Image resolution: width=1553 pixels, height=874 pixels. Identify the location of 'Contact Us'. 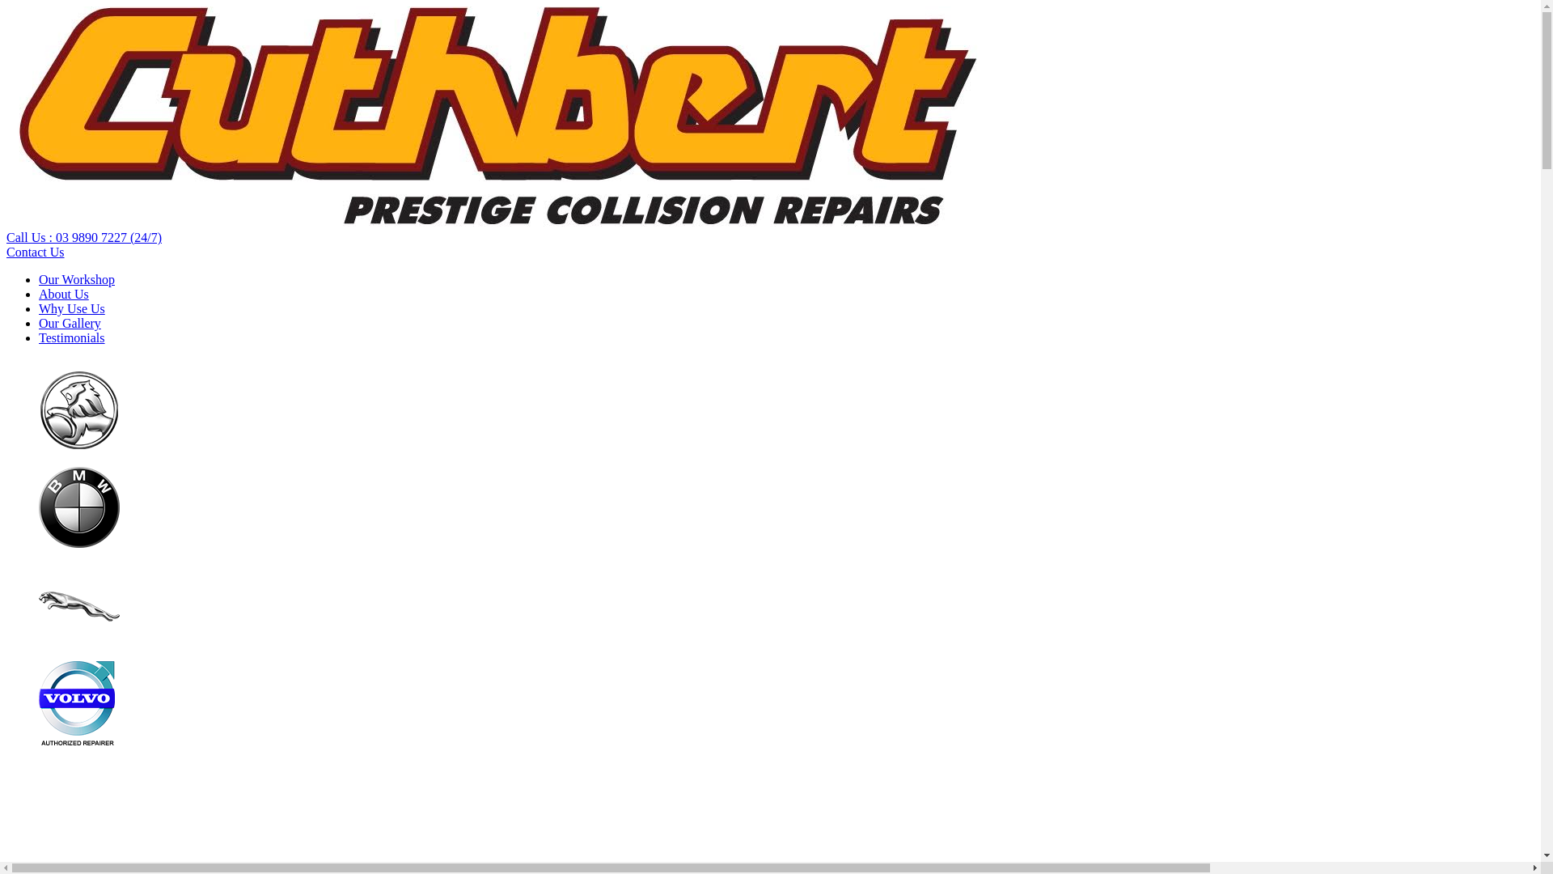
(35, 252).